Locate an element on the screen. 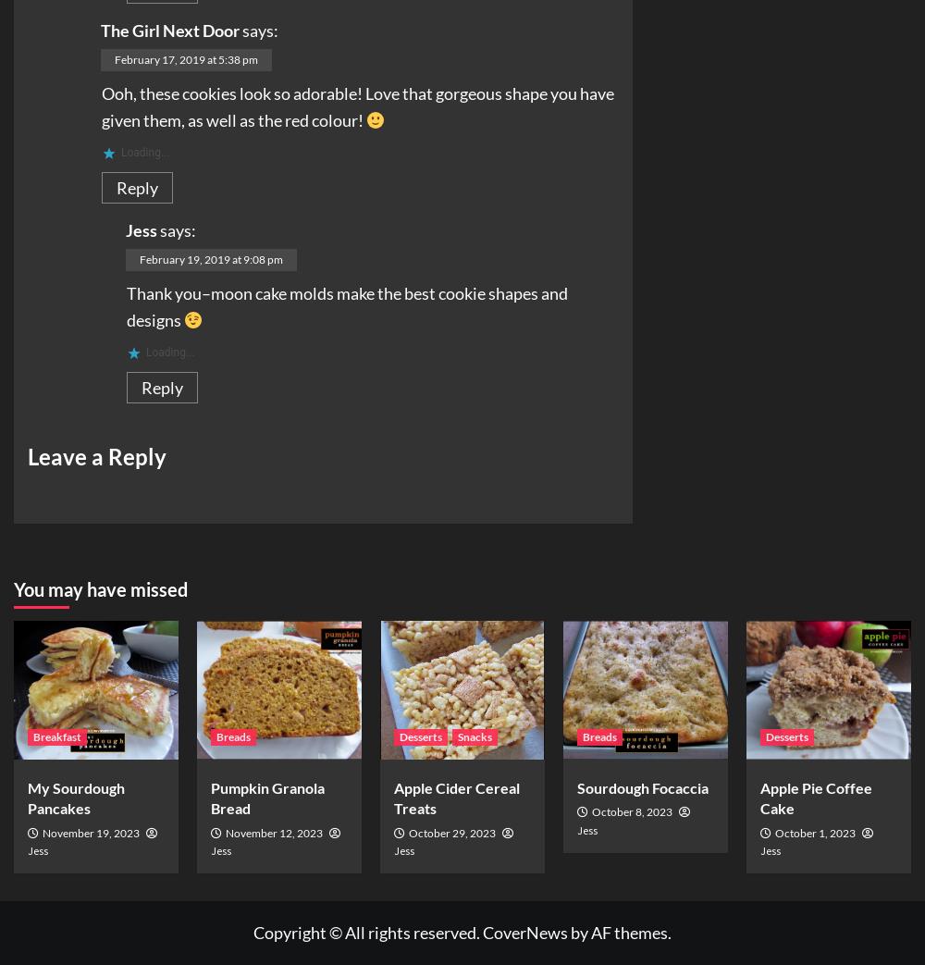  'Sourdough Focaccia' is located at coordinates (642, 786).